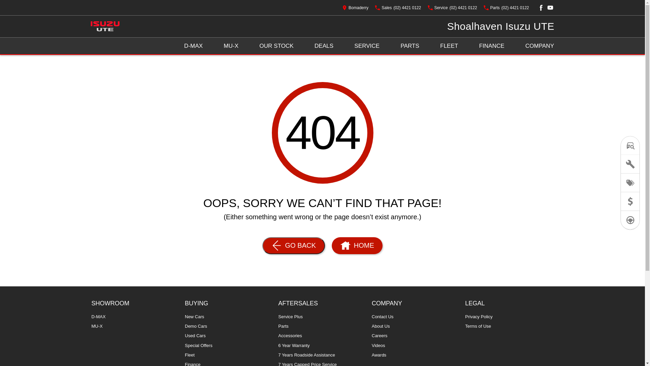 The image size is (650, 366). What do you see at coordinates (398, 7) in the screenshot?
I see `'Sales` at bounding box center [398, 7].